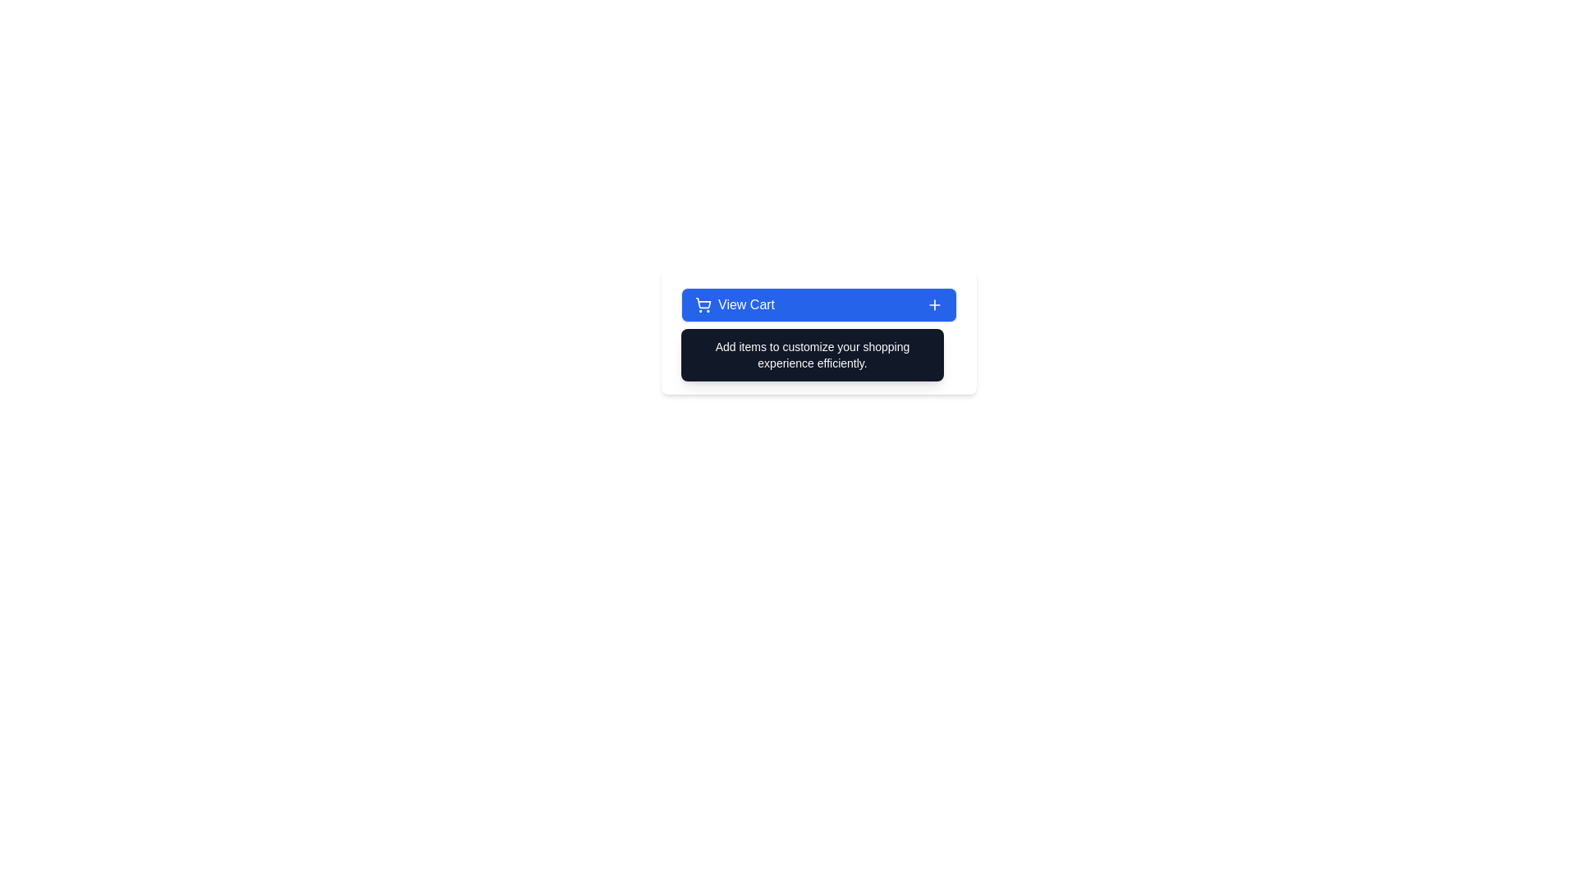 This screenshot has width=1576, height=886. What do you see at coordinates (734, 304) in the screenshot?
I see `the 'View Cart' text label, which is visually highlighted and positioned to the left within its blue button structure, alongside a shopping cart icon` at bounding box center [734, 304].